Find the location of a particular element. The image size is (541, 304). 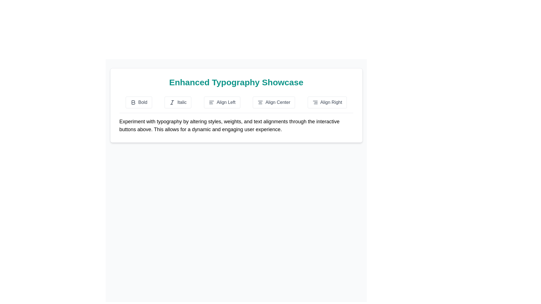

the 'Bold' SVG Icon which is the first button in the horizontal arrangement of text style options is located at coordinates (133, 102).